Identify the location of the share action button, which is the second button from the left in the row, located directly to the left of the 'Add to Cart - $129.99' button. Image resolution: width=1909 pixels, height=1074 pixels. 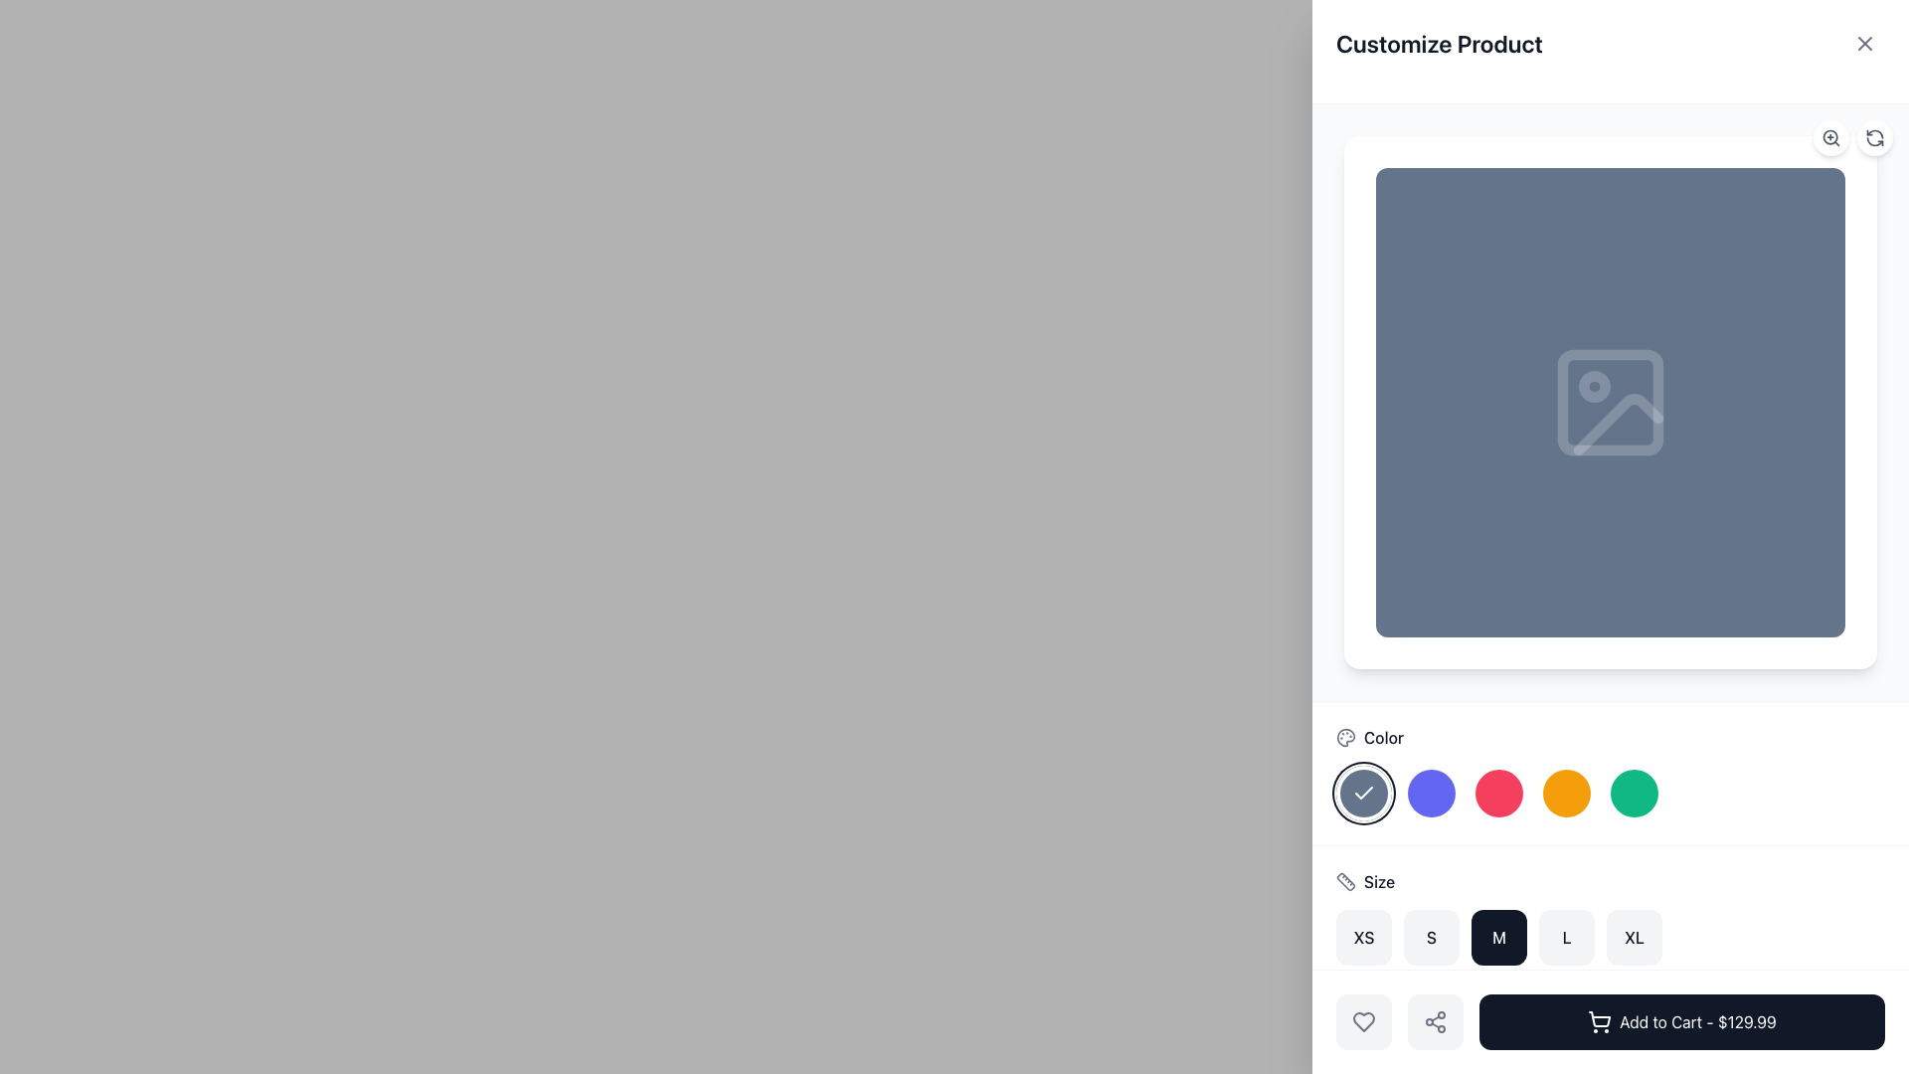
(1436, 1022).